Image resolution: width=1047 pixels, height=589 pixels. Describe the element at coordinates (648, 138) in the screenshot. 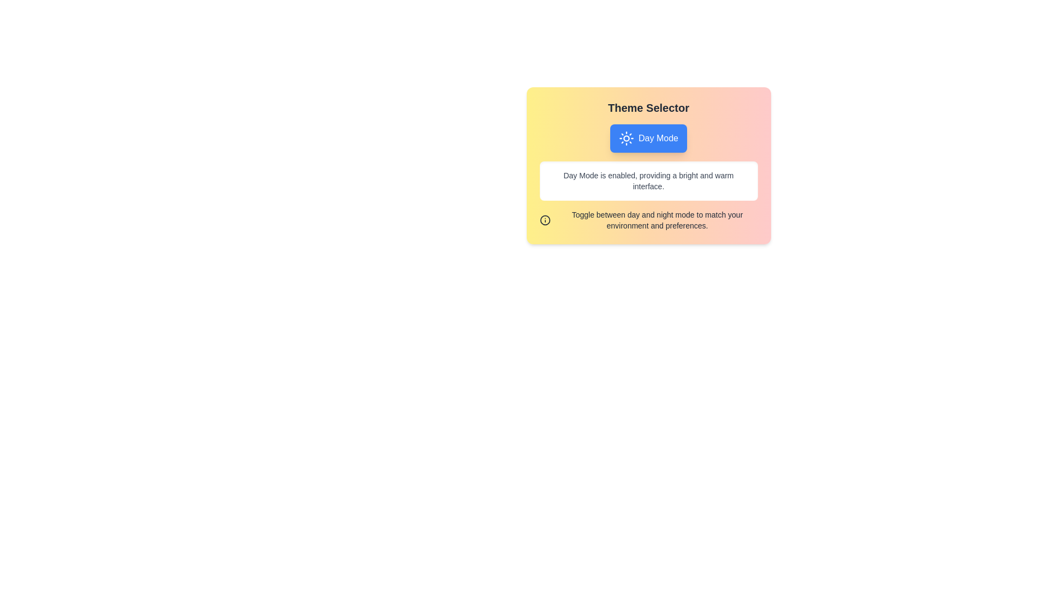

I see `the 'Day Mode' button to toggle the theme` at that location.